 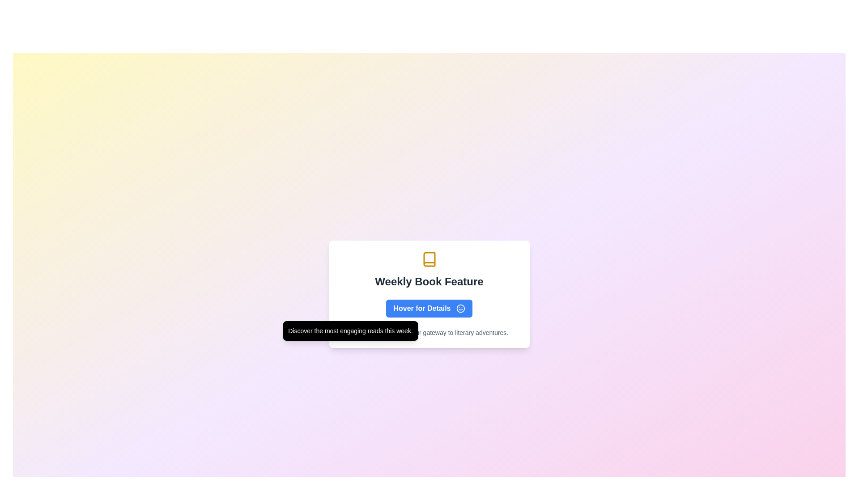 What do you see at coordinates (350, 331) in the screenshot?
I see `the tooltip that displays the message 'Discover the most engaging reads this week.' which appears below the 'Hover for Details' button` at bounding box center [350, 331].